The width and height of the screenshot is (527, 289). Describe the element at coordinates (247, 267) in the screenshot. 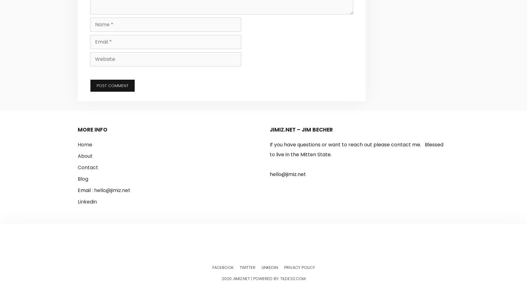

I see `'Twitter'` at that location.